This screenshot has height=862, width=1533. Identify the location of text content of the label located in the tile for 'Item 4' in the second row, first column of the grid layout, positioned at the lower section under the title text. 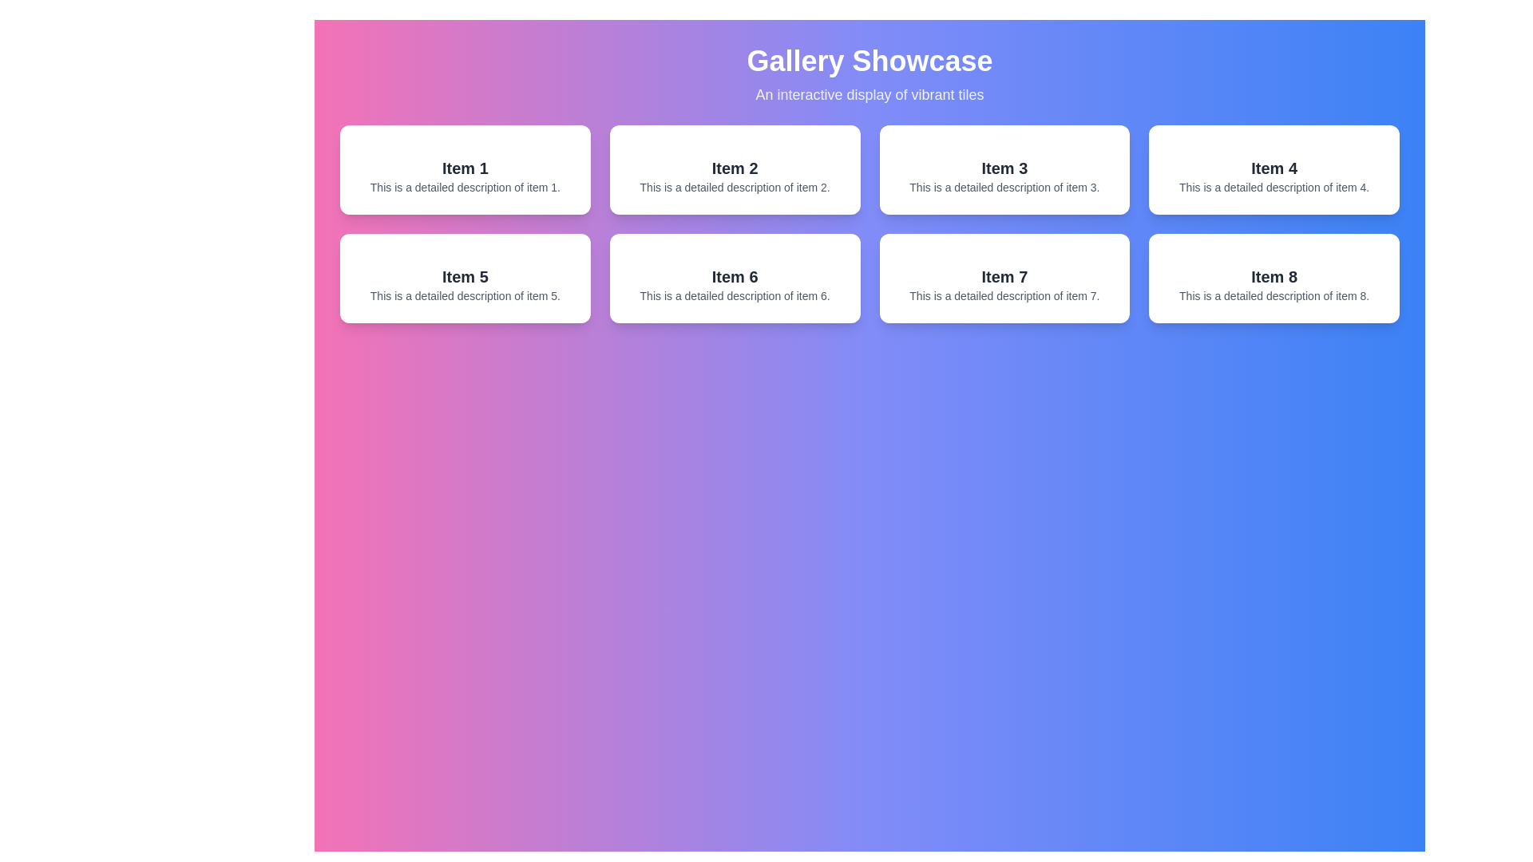
(1274, 187).